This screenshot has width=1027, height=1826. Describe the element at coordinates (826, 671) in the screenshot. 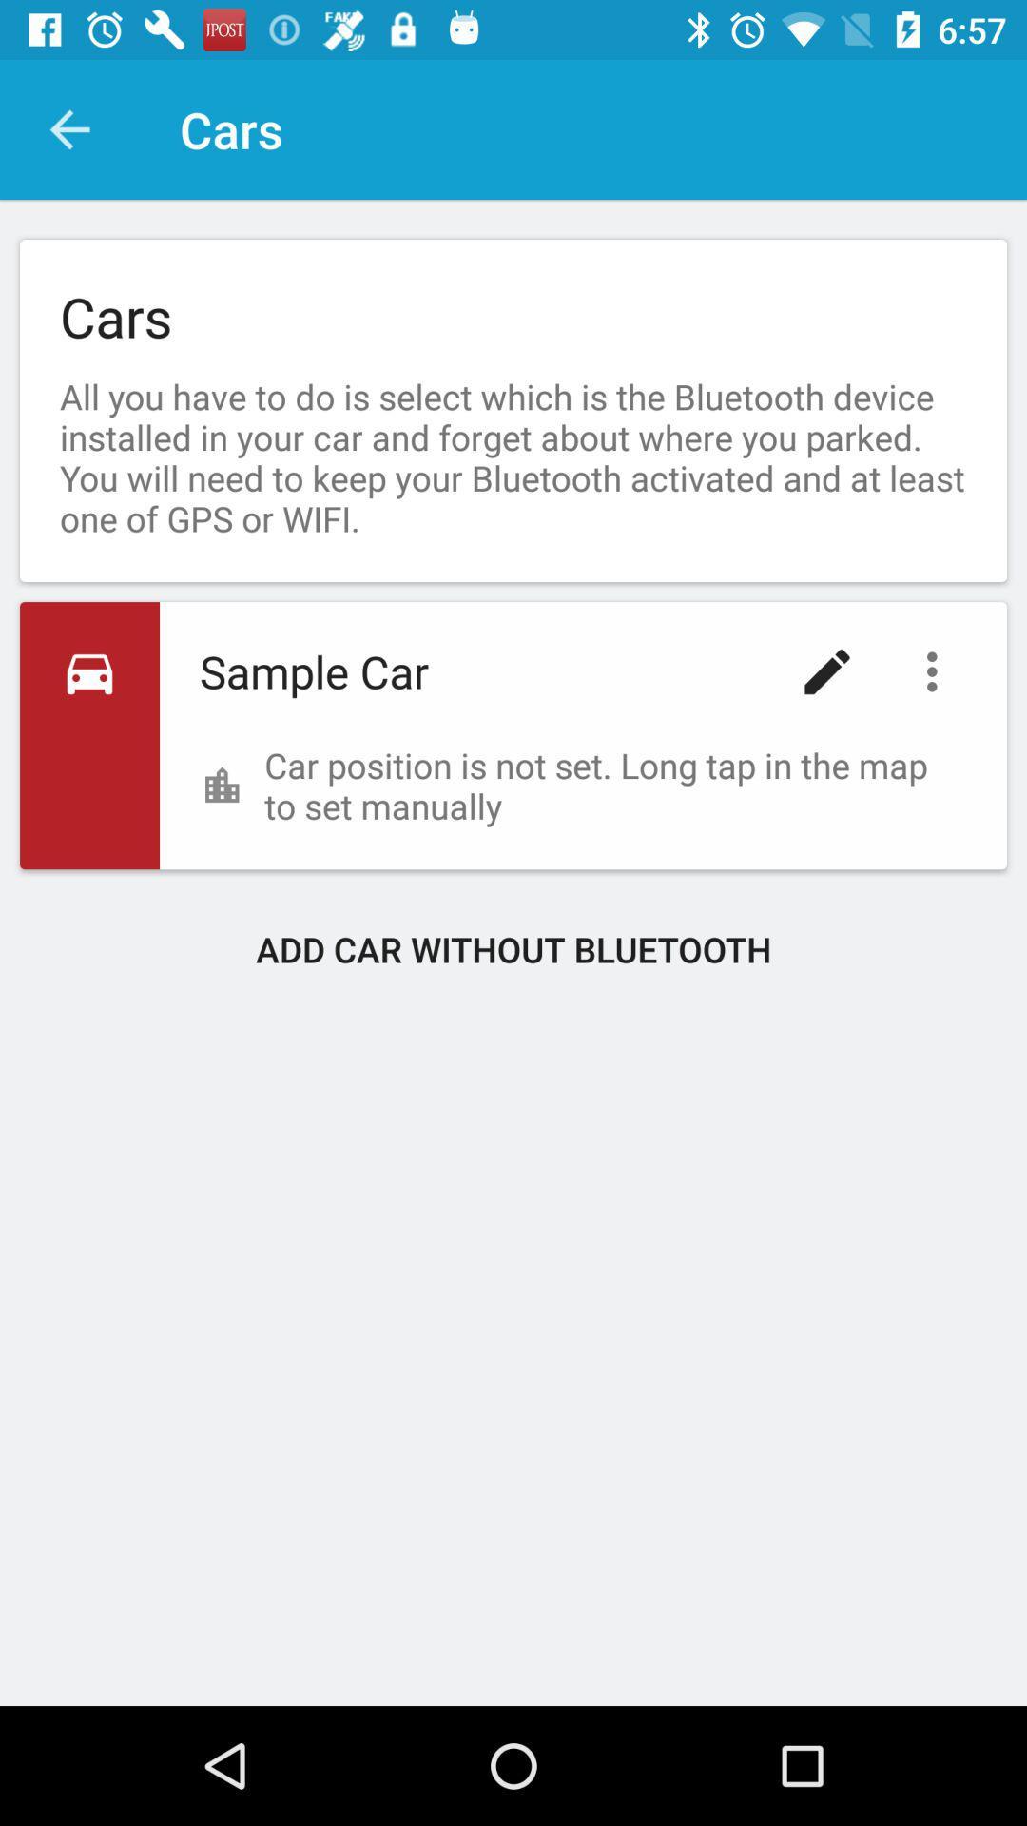

I see `item to the right of sample car item` at that location.